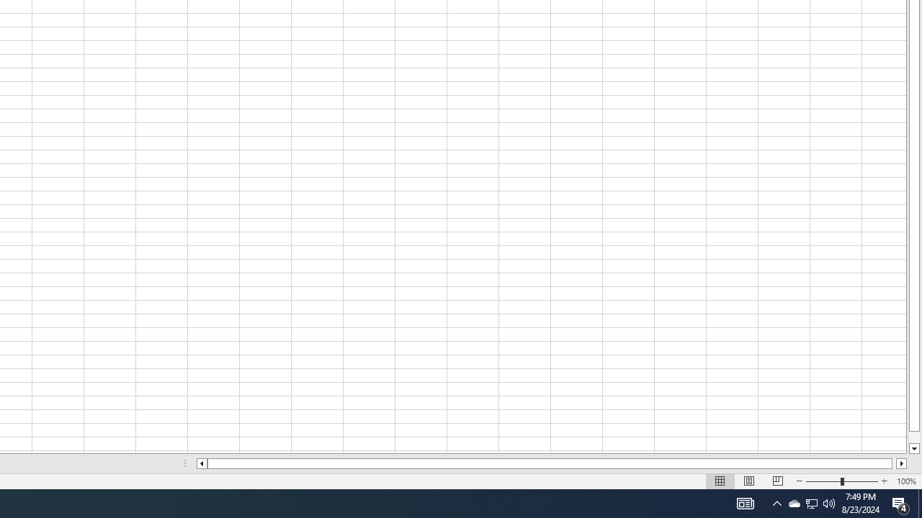  What do you see at coordinates (901, 463) in the screenshot?
I see `'Column right'` at bounding box center [901, 463].